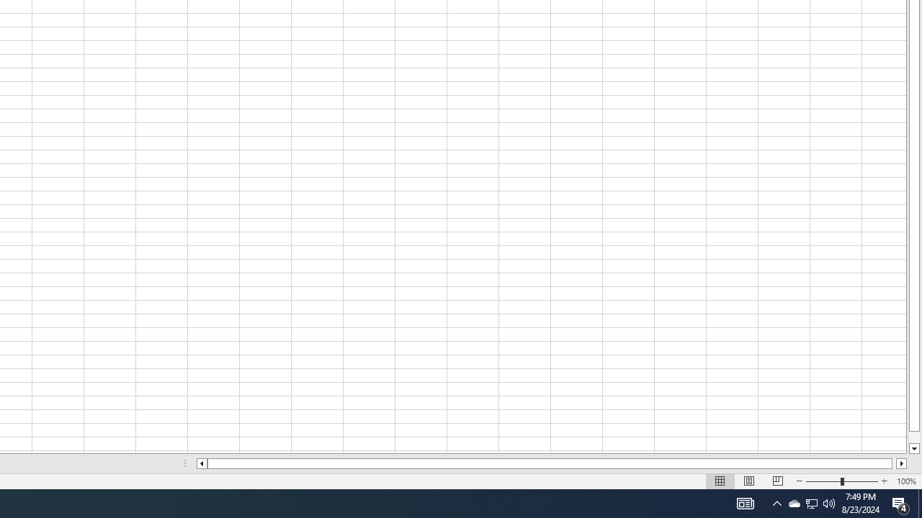  What do you see at coordinates (901, 463) in the screenshot?
I see `'Column right'` at bounding box center [901, 463].